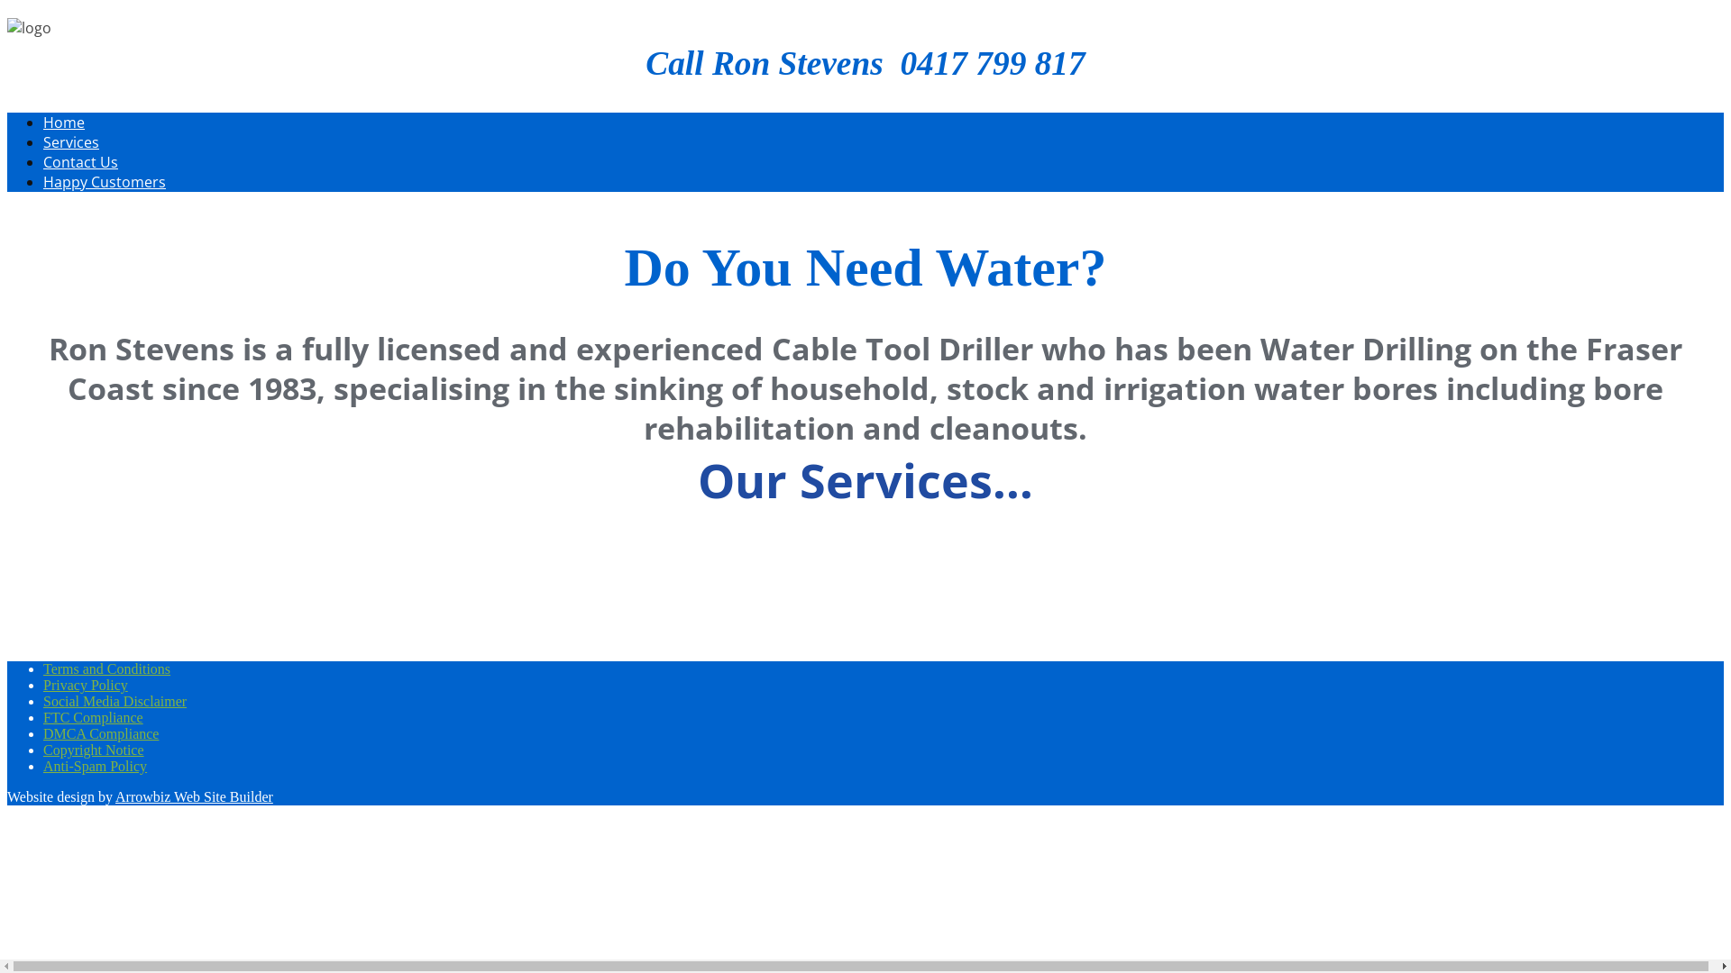 Image resolution: width=1731 pixels, height=973 pixels. Describe the element at coordinates (93, 750) in the screenshot. I see `'Copyright Notice'` at that location.